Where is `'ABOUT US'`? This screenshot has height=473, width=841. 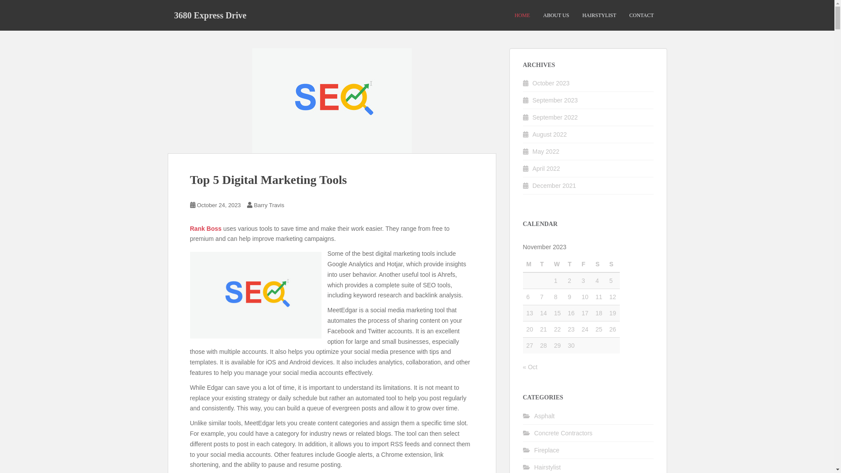 'ABOUT US' is located at coordinates (555, 15).